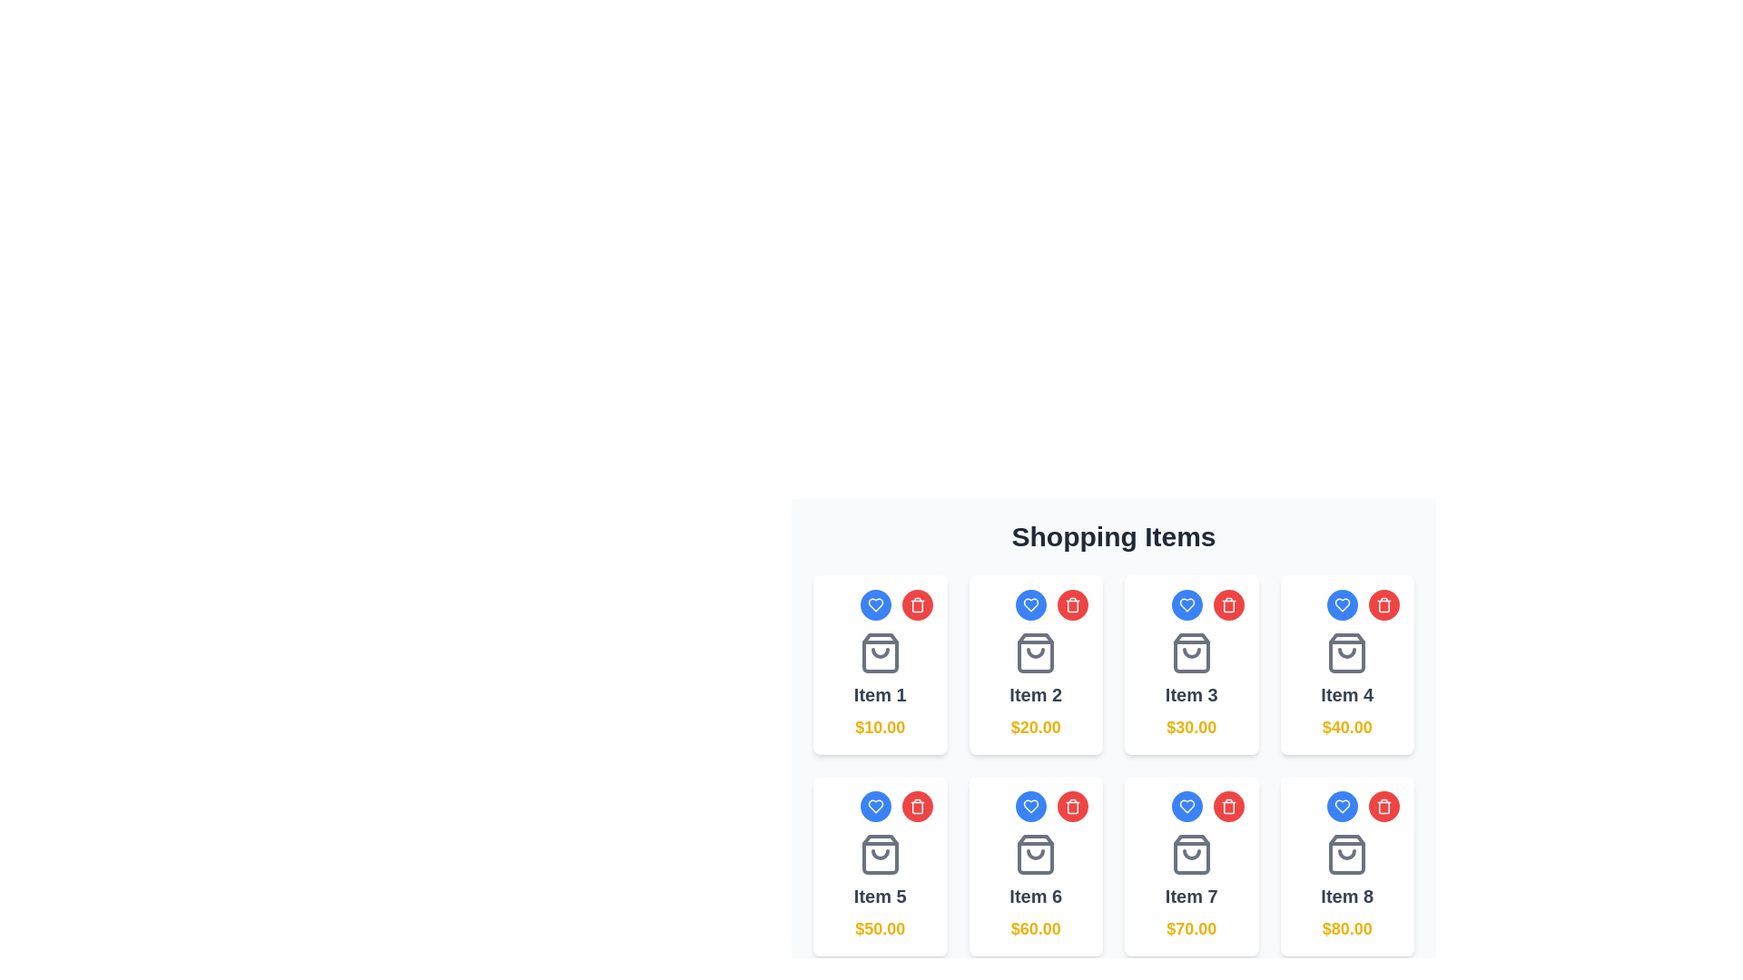 The width and height of the screenshot is (1743, 980). Describe the element at coordinates (1036, 854) in the screenshot. I see `the decorative icon representing the shopping item in the card labeled 'Item 6' located in the second row, second column of the grid` at that location.